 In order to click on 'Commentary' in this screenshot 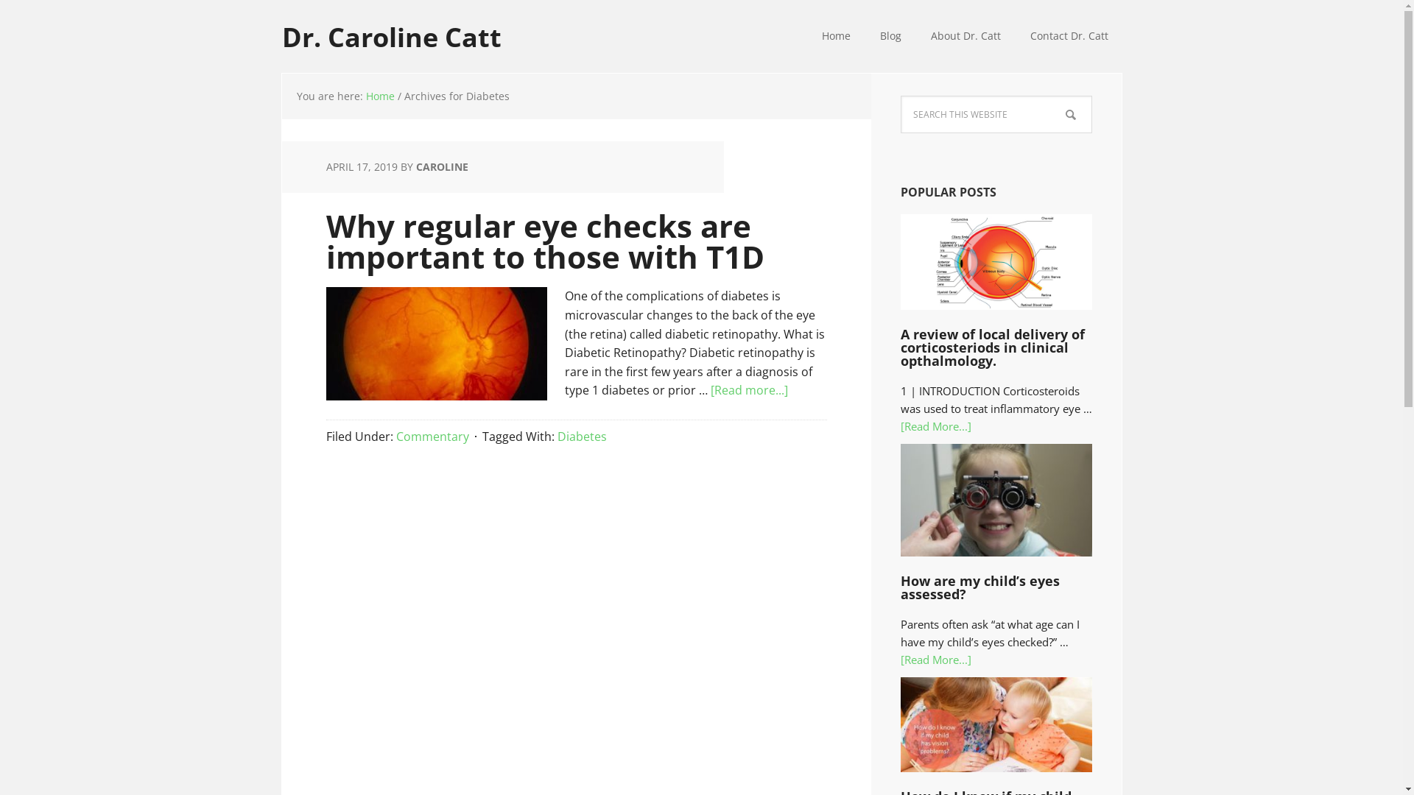, I will do `click(432, 436)`.